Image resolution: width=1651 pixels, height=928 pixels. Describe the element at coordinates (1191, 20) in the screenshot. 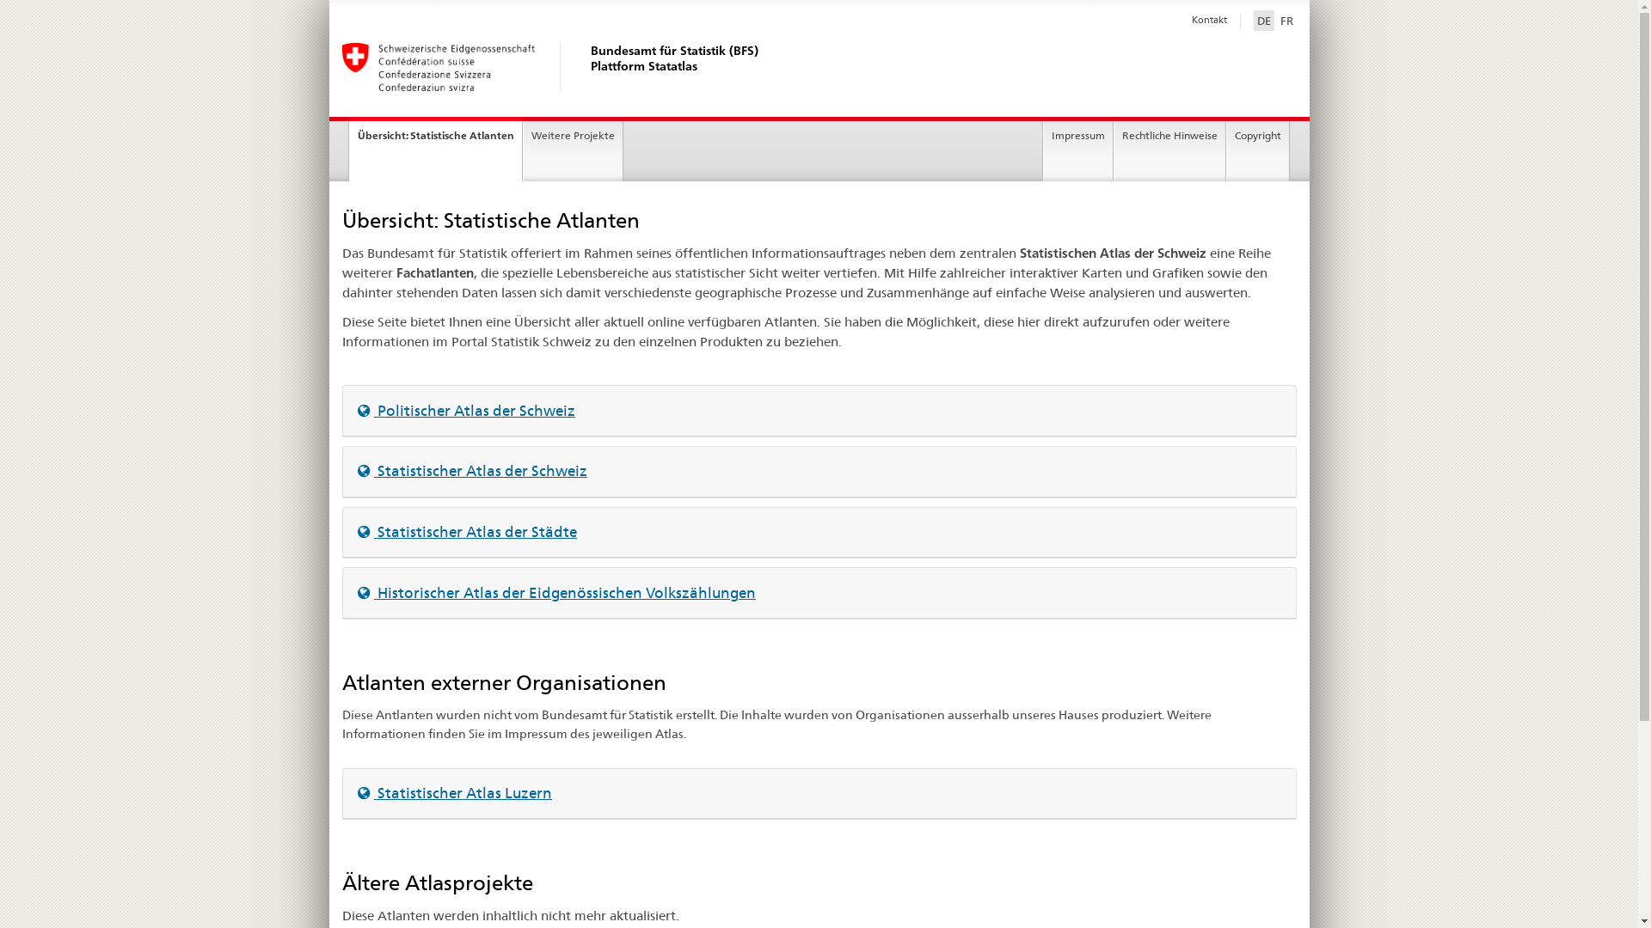

I see `'Kontakt'` at that location.